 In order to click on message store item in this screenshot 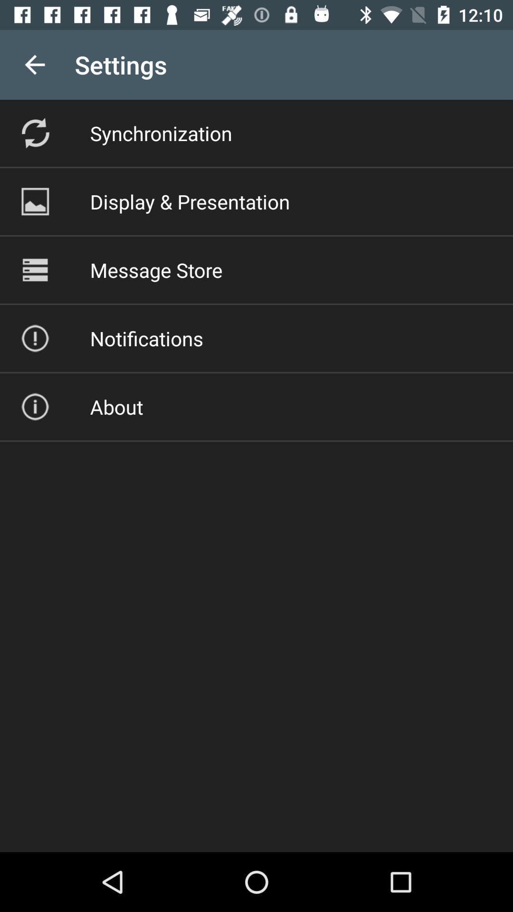, I will do `click(156, 269)`.